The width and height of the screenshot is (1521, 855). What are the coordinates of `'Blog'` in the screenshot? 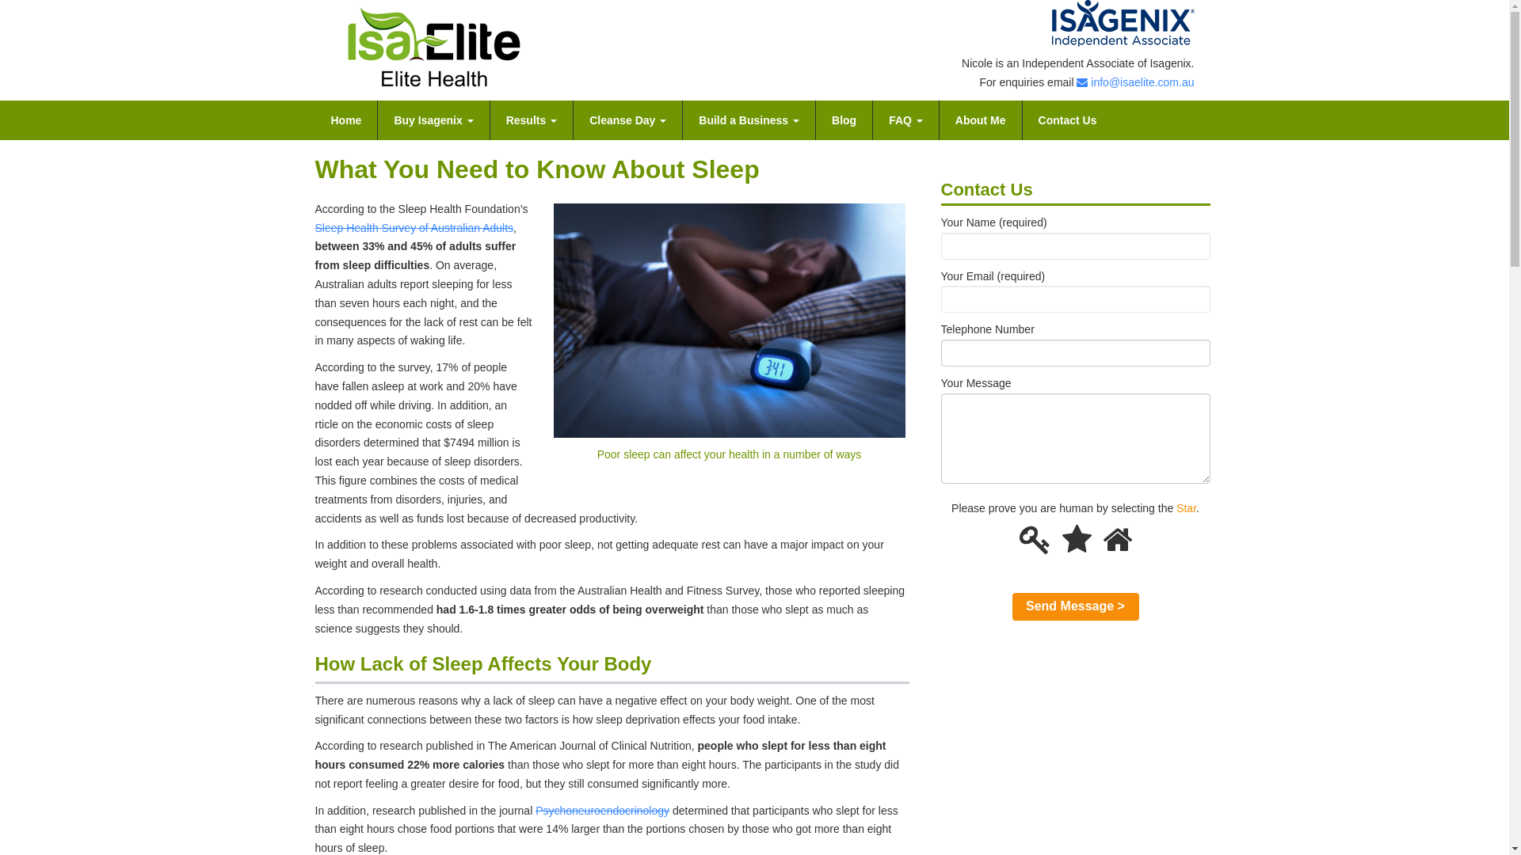 It's located at (843, 119).